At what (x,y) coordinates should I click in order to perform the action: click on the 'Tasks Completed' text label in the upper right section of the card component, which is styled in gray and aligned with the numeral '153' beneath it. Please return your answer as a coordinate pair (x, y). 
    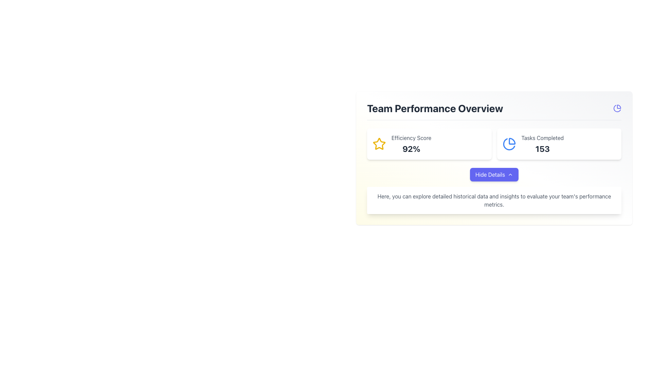
    Looking at the image, I should click on (542, 138).